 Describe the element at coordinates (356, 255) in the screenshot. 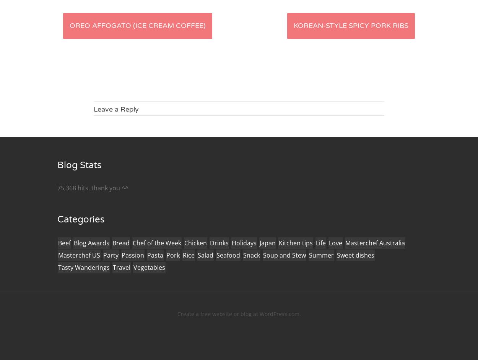

I see `'Sweet dishes'` at that location.